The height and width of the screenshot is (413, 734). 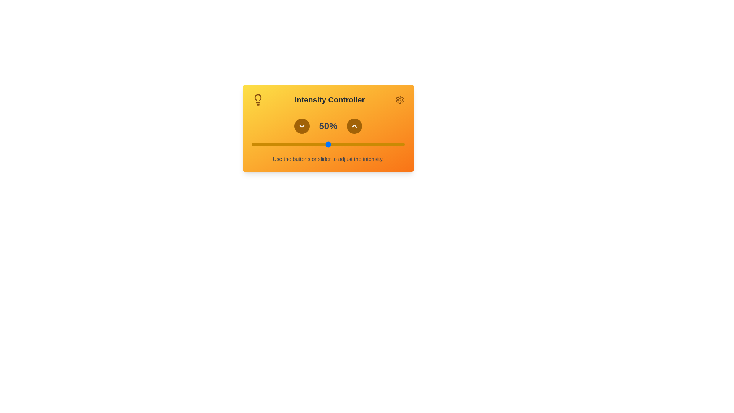 What do you see at coordinates (377, 145) in the screenshot?
I see `the intensity` at bounding box center [377, 145].